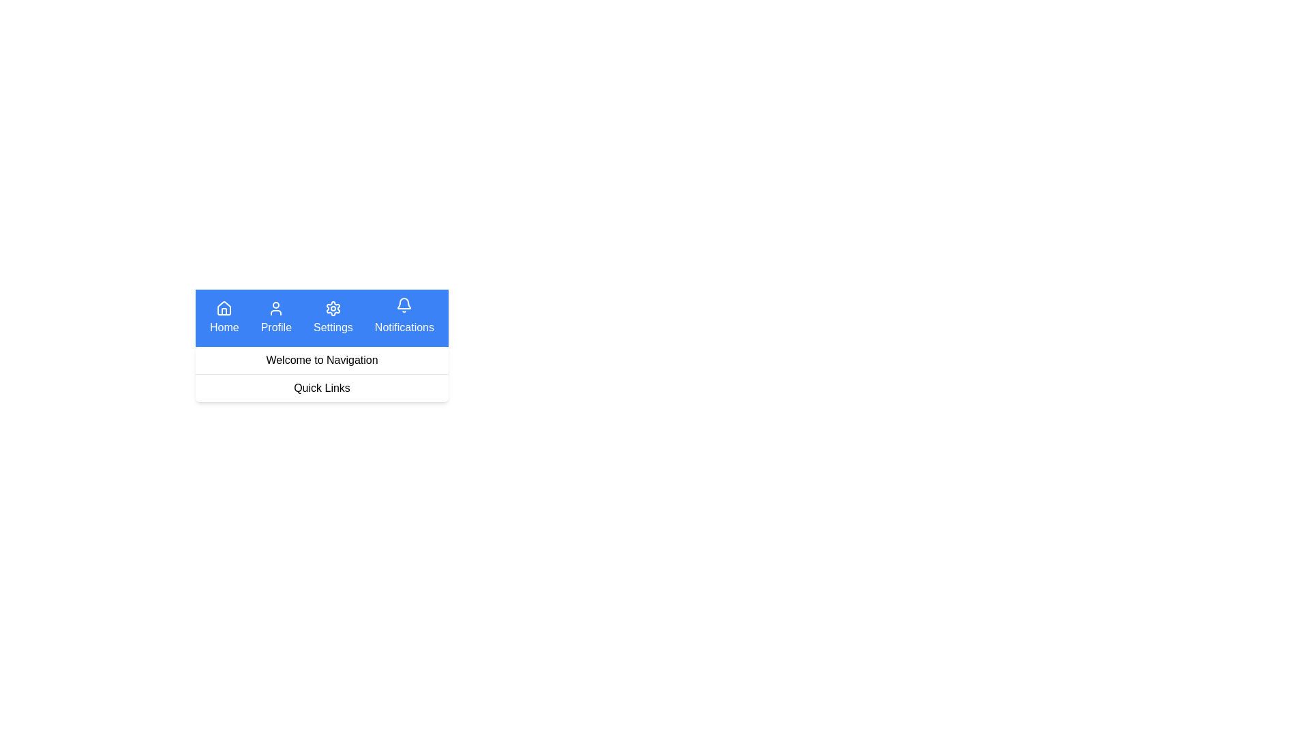 The image size is (1309, 736). I want to click on the Settings navigation button, so click(333, 318).